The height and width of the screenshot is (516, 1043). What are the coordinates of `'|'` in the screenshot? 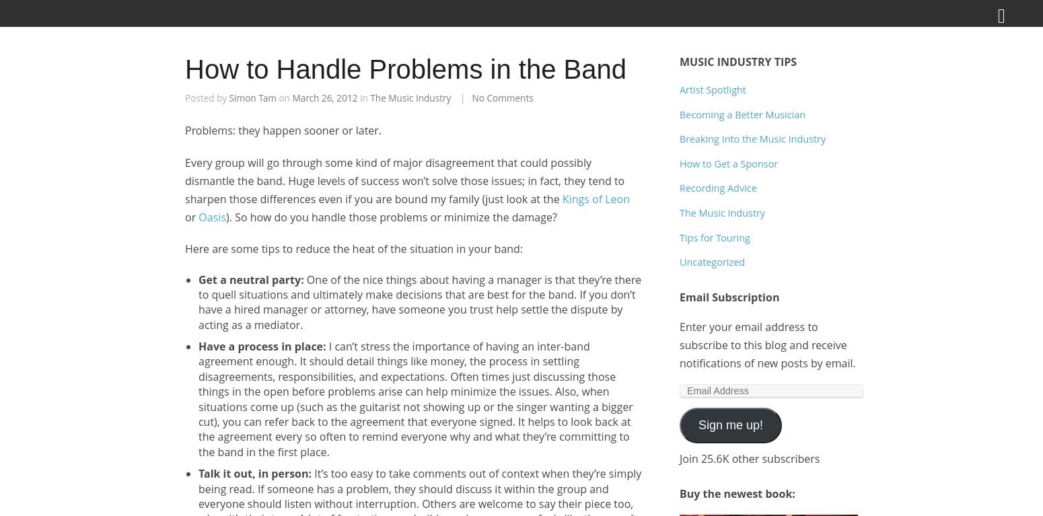 It's located at (461, 97).